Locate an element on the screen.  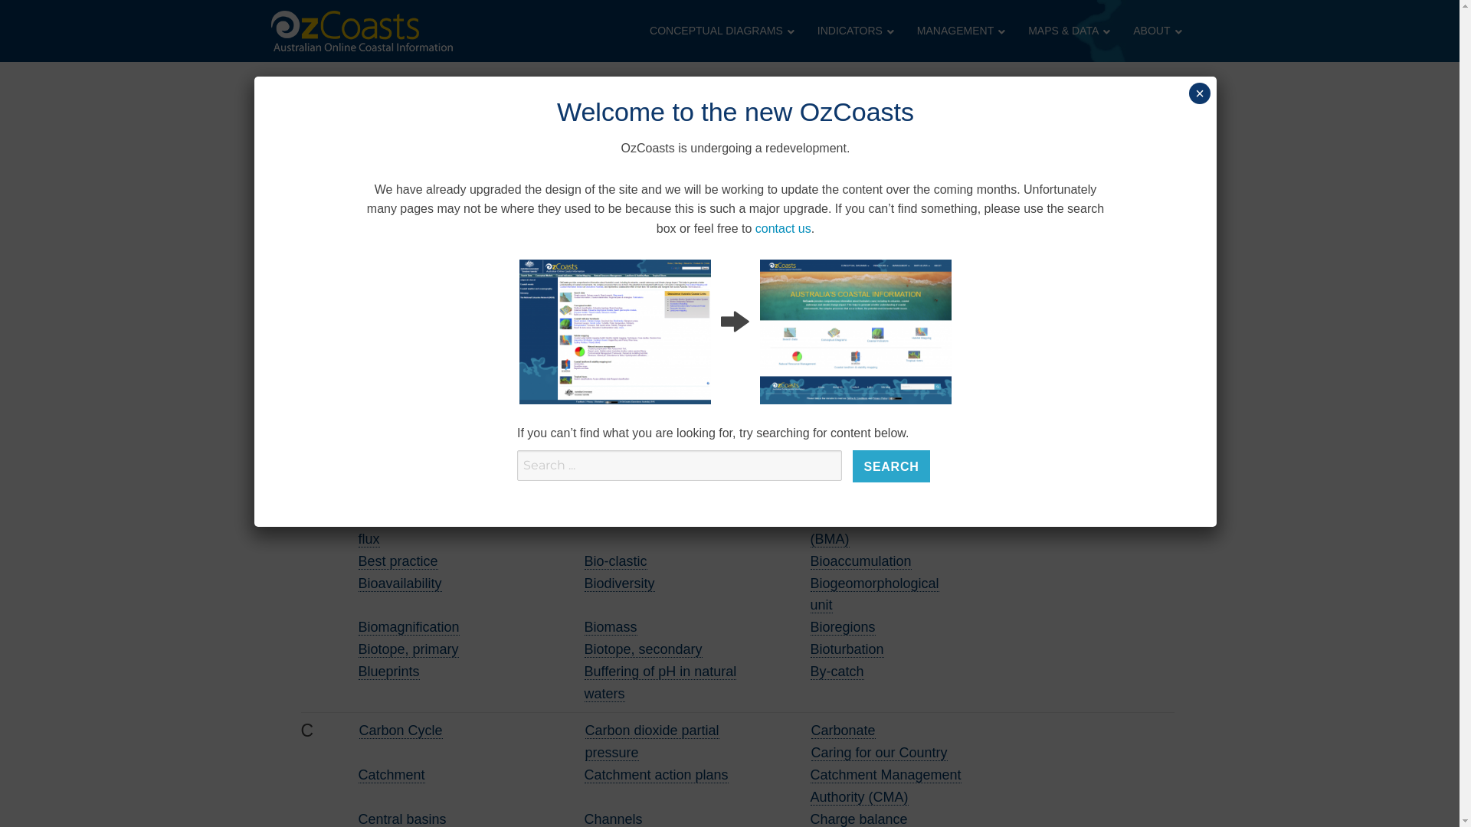
'MANAGEMENT' is located at coordinates (901, 31).